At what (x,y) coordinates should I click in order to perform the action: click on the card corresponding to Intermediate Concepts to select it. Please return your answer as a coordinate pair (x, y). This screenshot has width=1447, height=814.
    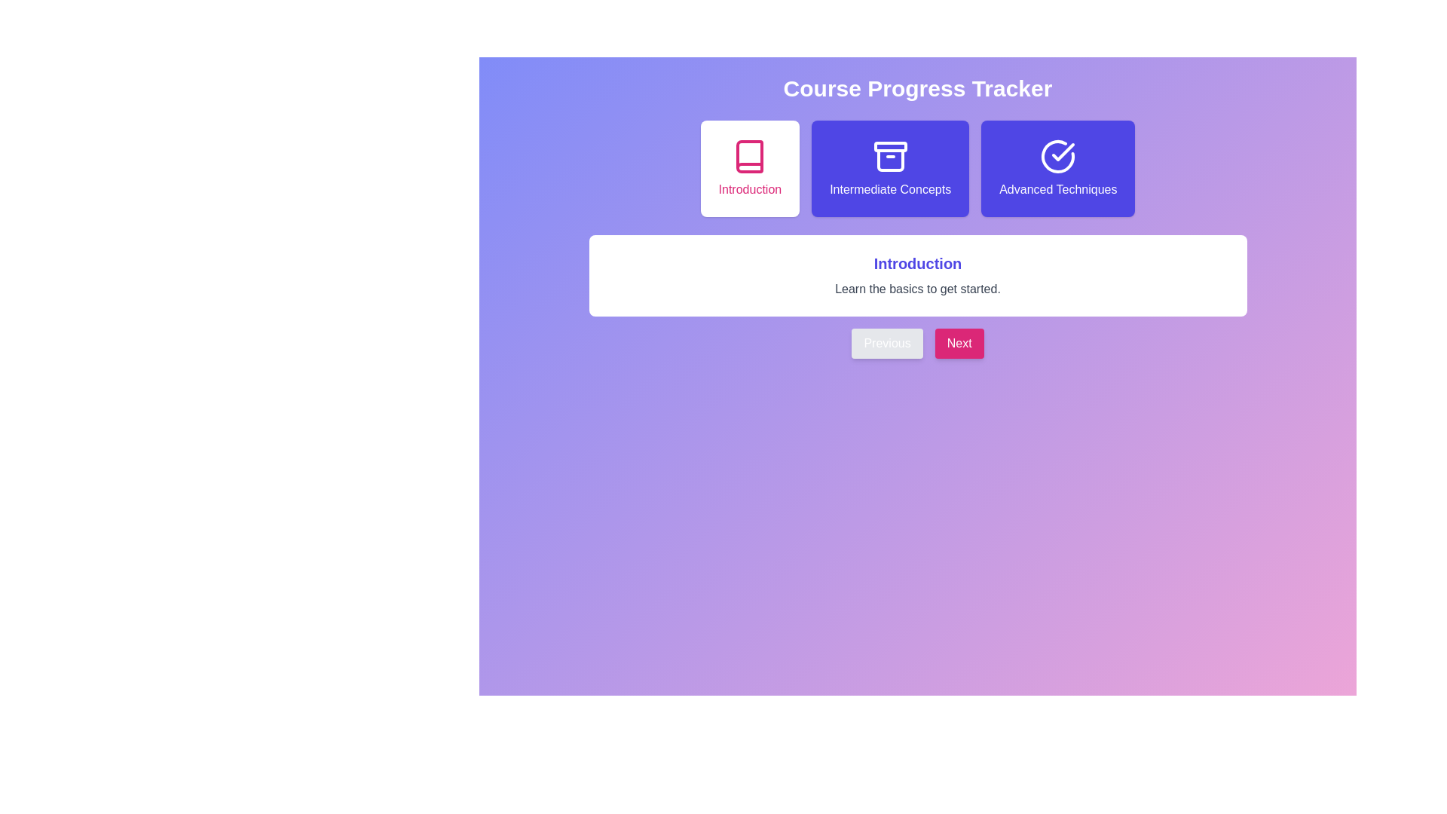
    Looking at the image, I should click on (890, 168).